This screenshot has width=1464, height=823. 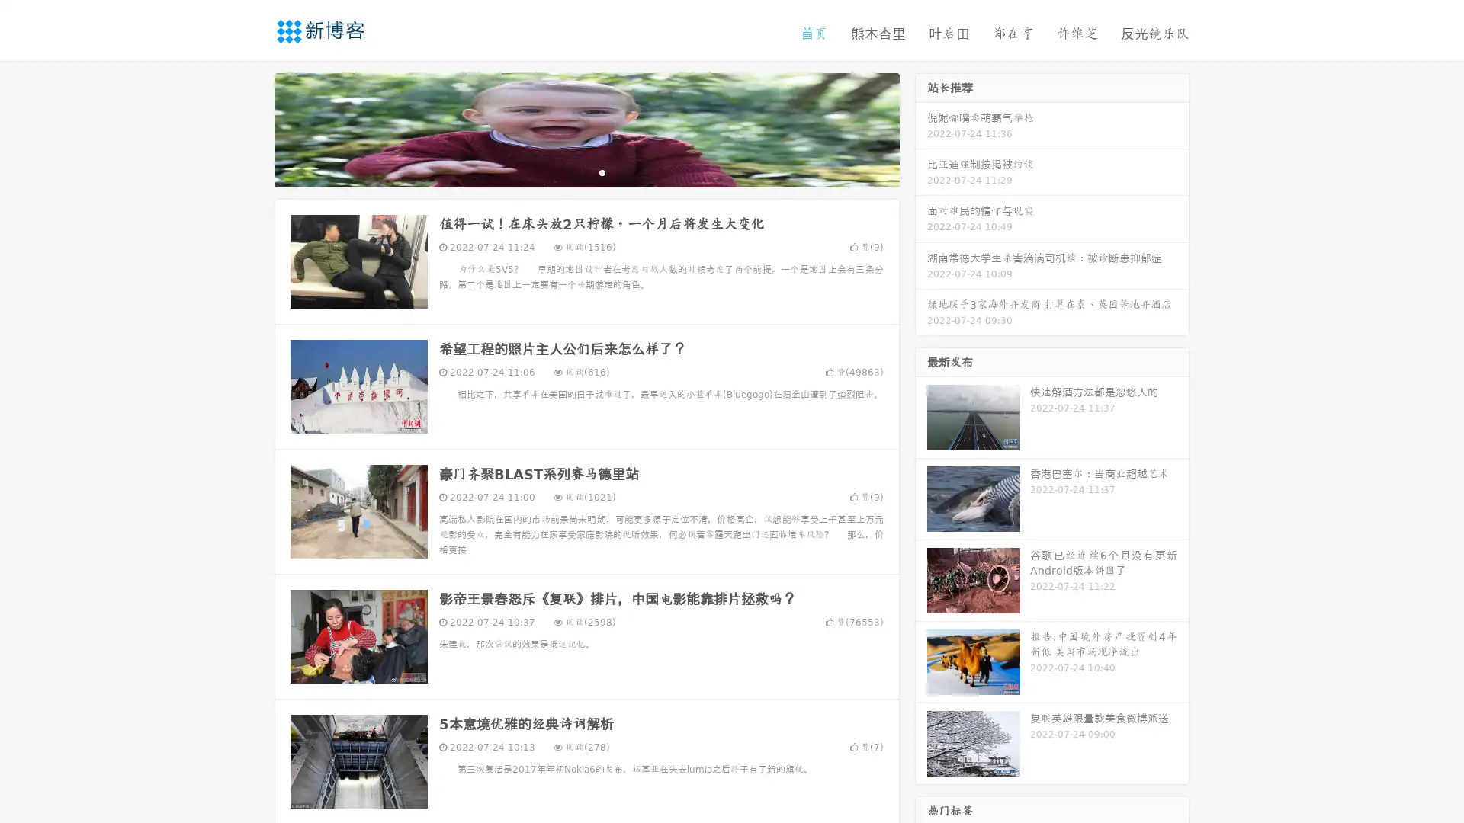 What do you see at coordinates (602, 171) in the screenshot?
I see `Go to slide 3` at bounding box center [602, 171].